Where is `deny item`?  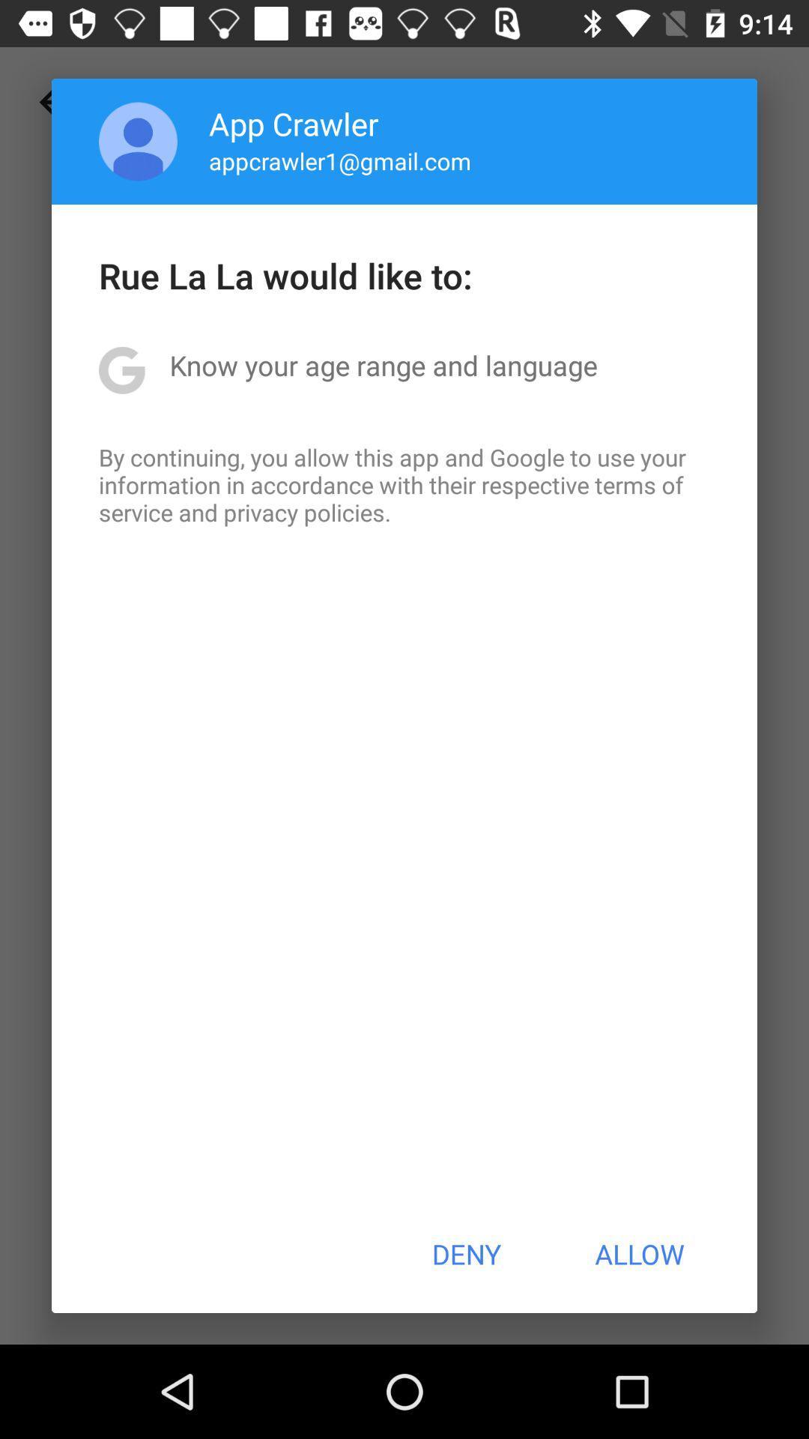
deny item is located at coordinates (465, 1254).